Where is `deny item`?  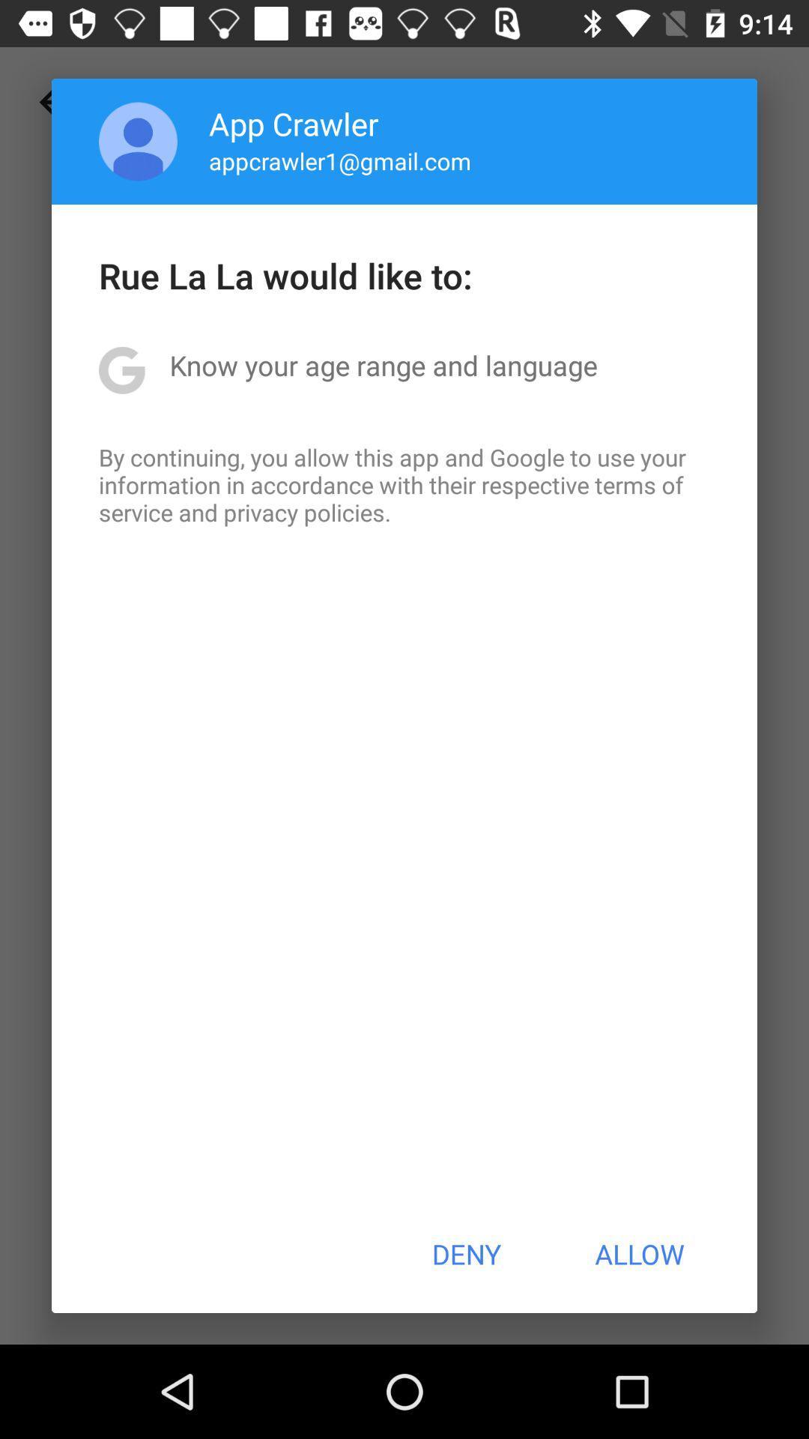
deny item is located at coordinates (465, 1254).